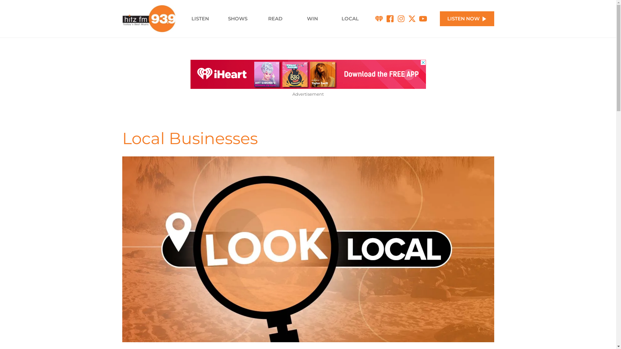 The width and height of the screenshot is (621, 349). Describe the element at coordinates (200, 18) in the screenshot. I see `'LISTEN'` at that location.